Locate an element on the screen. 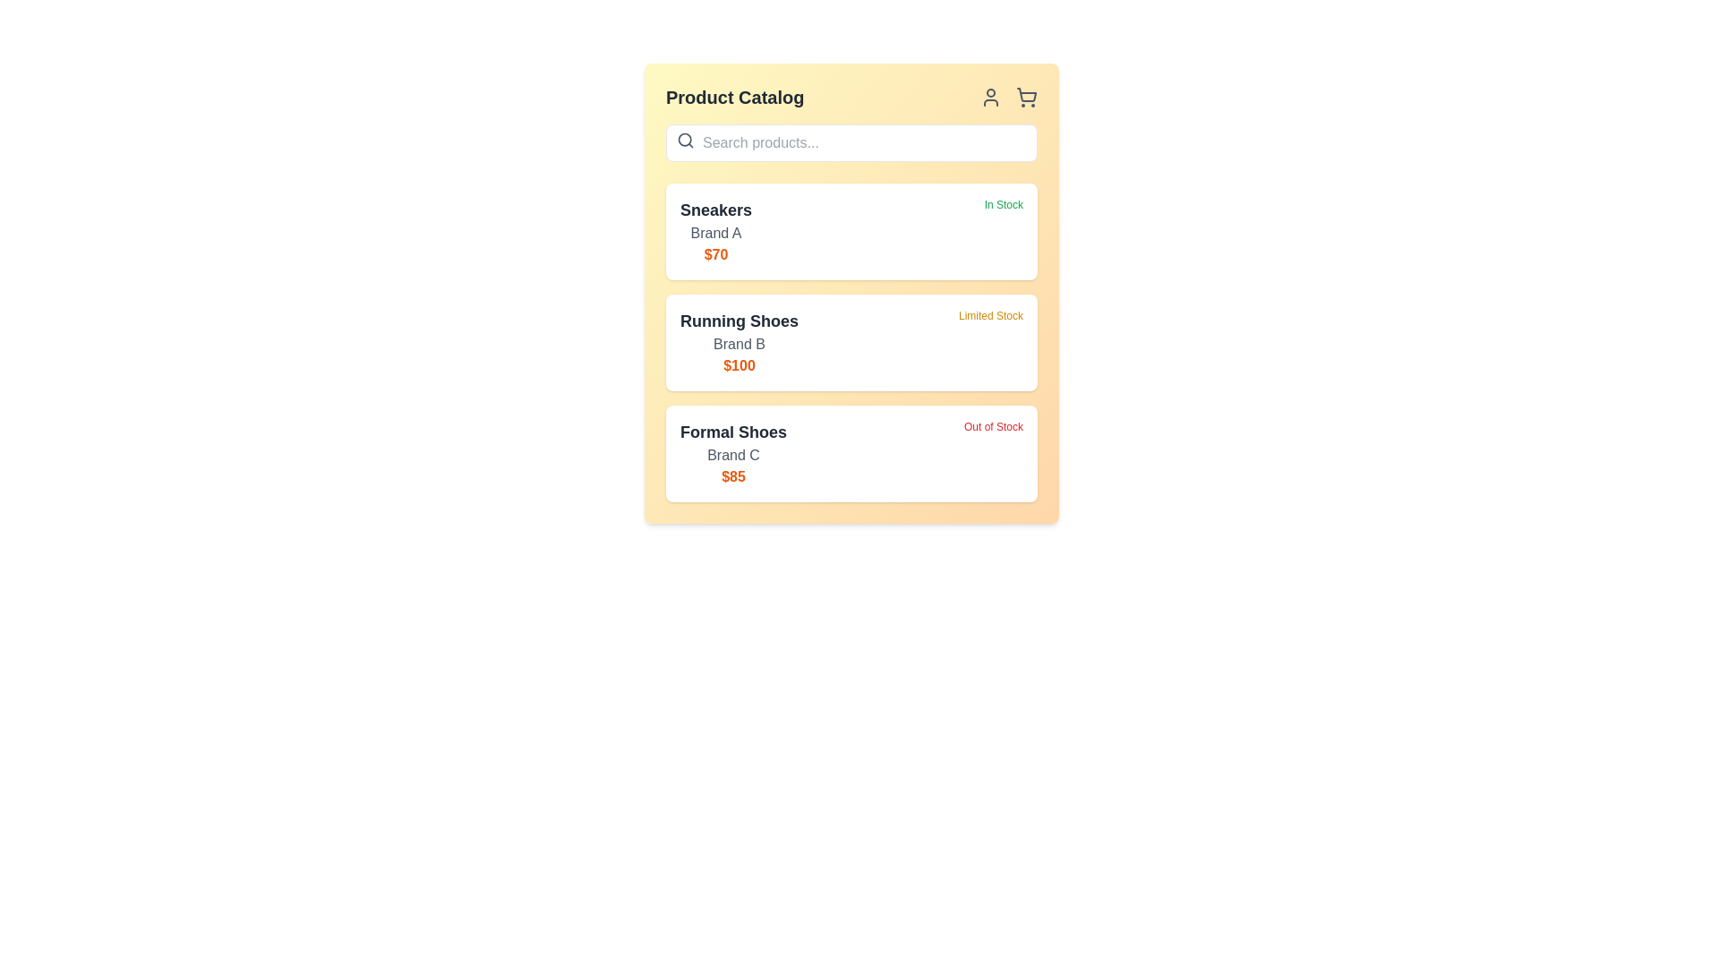  the first product item in the product catalog, which displays the title 'Sneakers', the subtitle 'Brand A', the price '$70', and the stock status 'In Stock' is located at coordinates (851, 230).